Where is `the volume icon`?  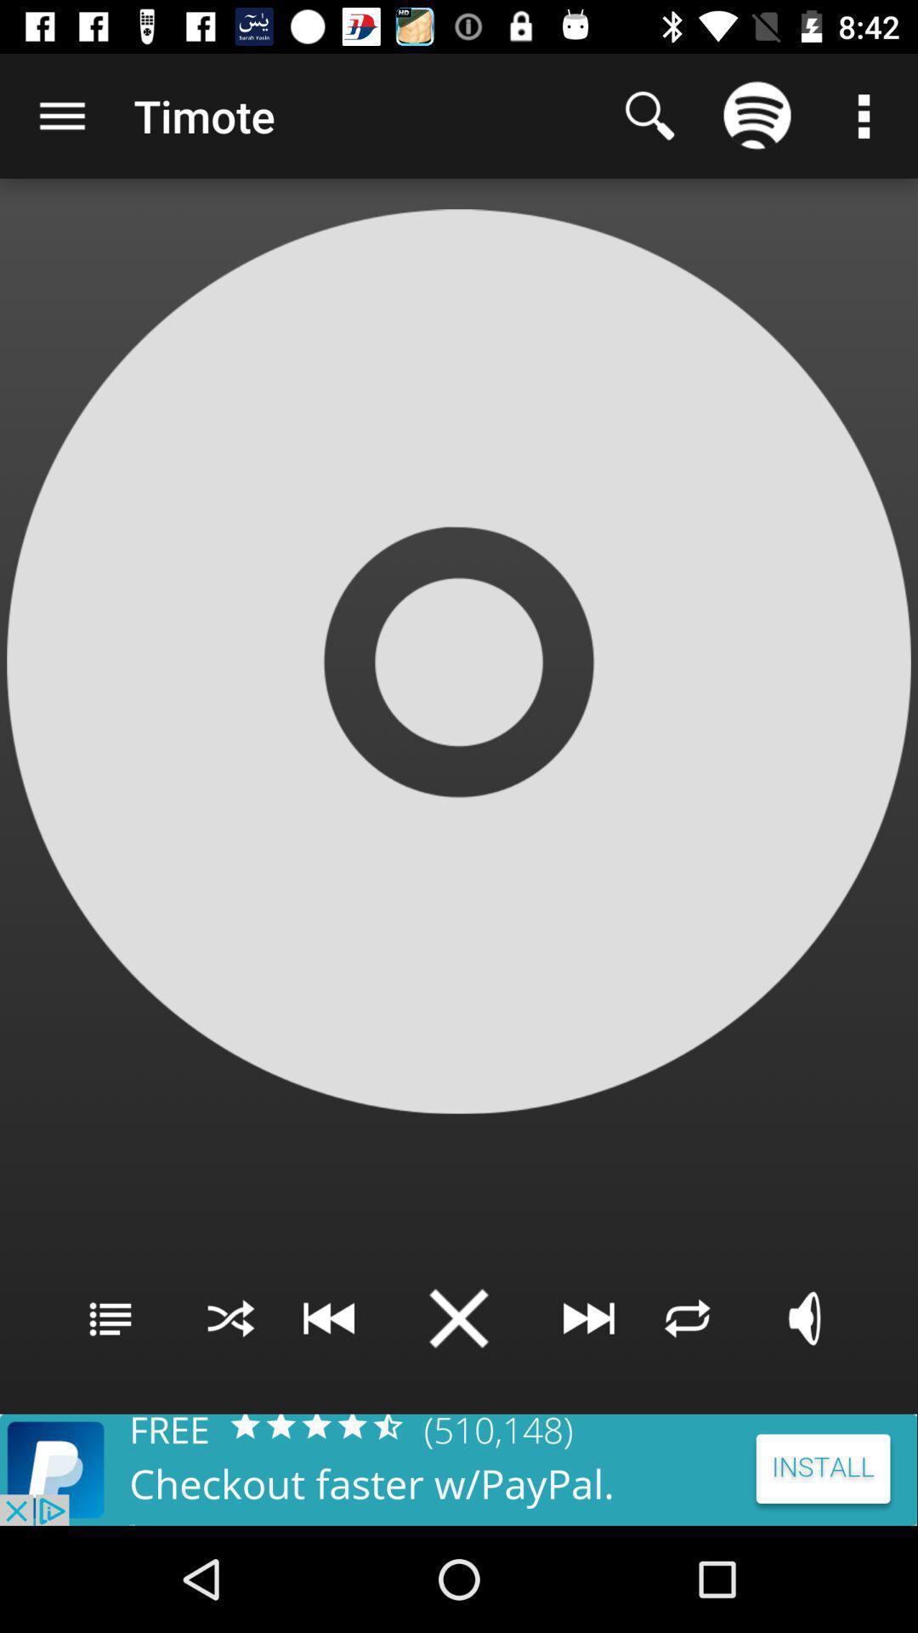 the volume icon is located at coordinates (806, 1317).